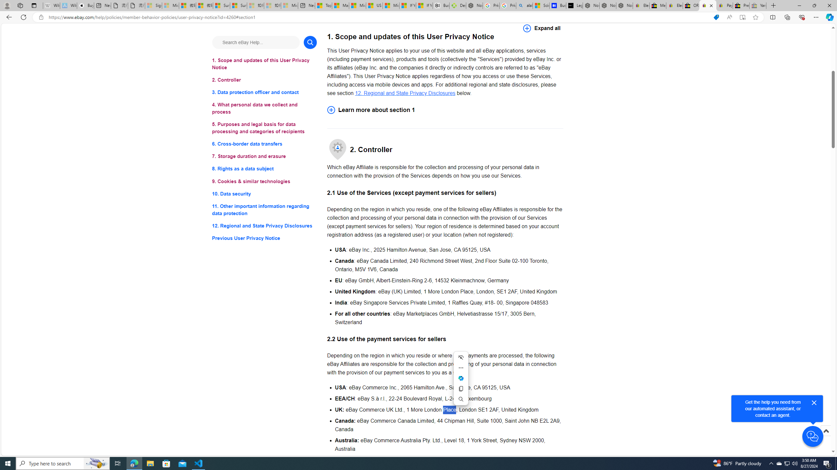 Image resolution: width=837 pixels, height=470 pixels. I want to click on 'User Privacy Notice | eBay', so click(708, 5).